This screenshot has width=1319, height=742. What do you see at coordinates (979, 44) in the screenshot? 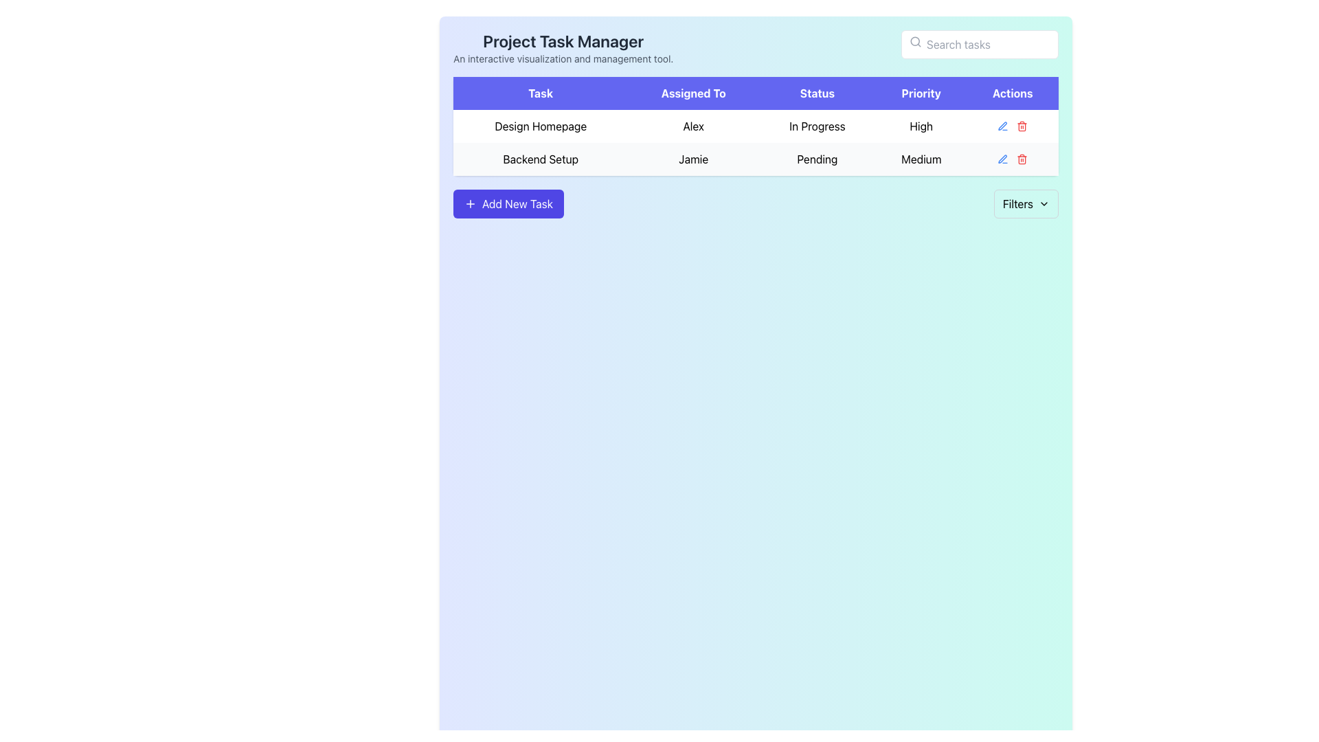
I see `on the text input box located in the top-right area of the interface` at bounding box center [979, 44].